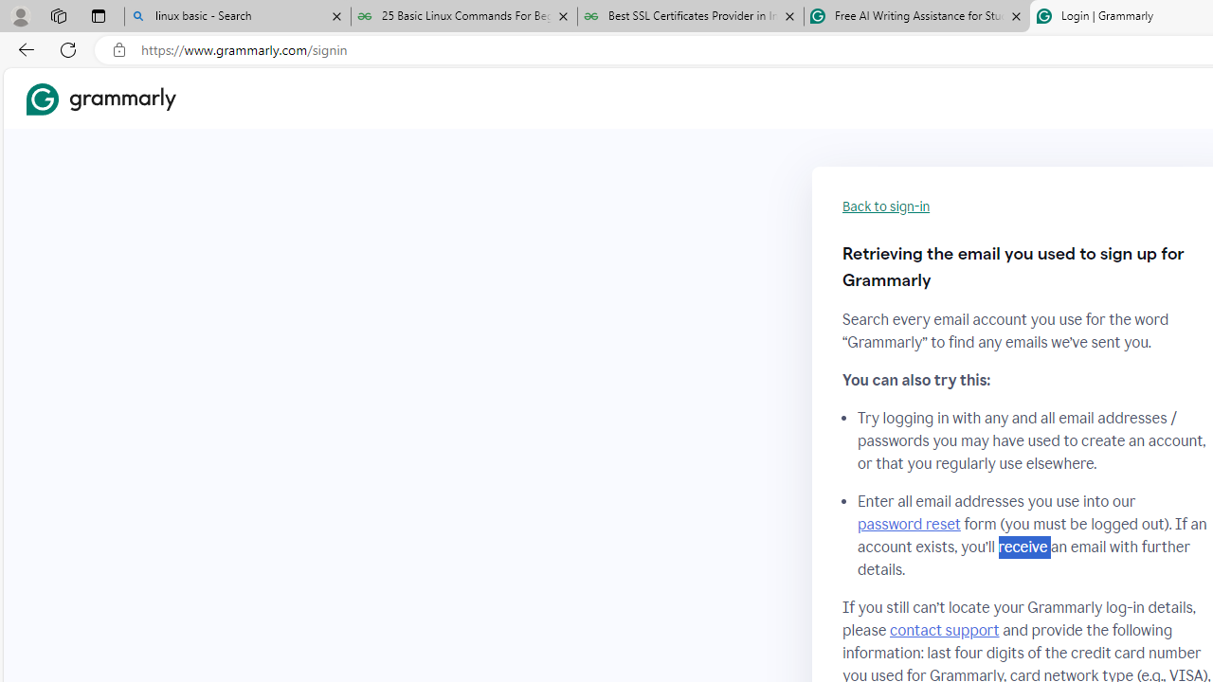 The width and height of the screenshot is (1213, 682). What do you see at coordinates (690, 16) in the screenshot?
I see `'Best SSL Certificates Provider in India - GeeksforGeeks'` at bounding box center [690, 16].